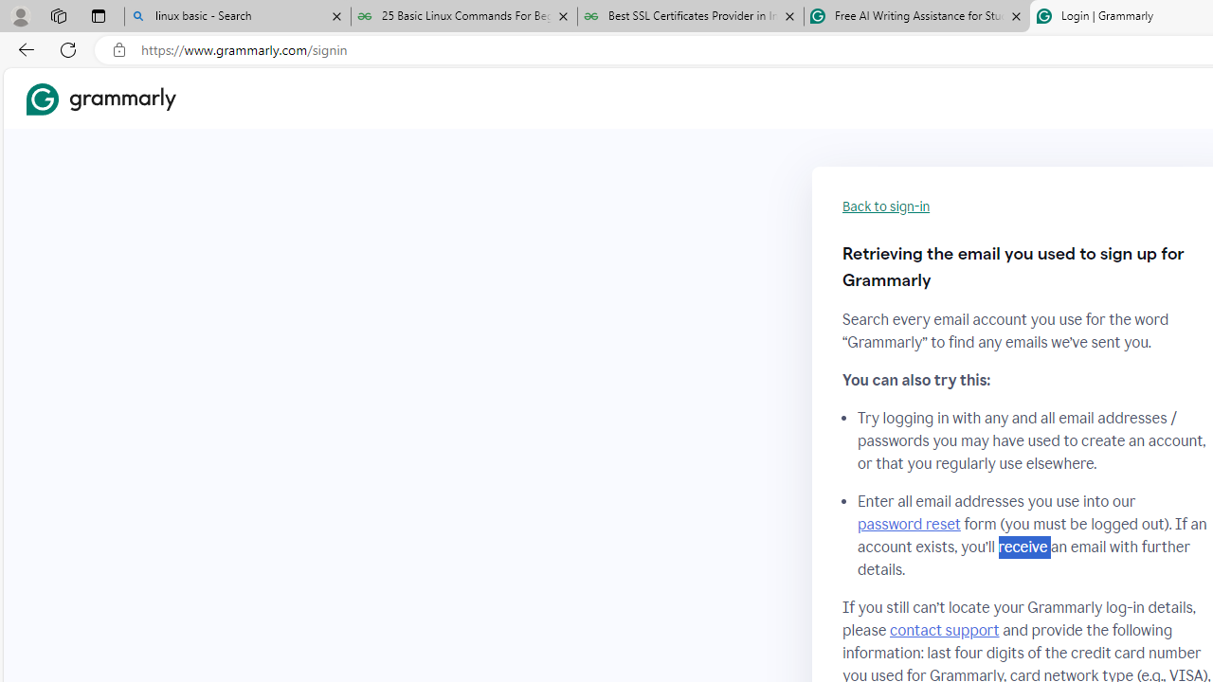 The width and height of the screenshot is (1213, 682). What do you see at coordinates (690, 16) in the screenshot?
I see `'Best SSL Certificates Provider in India - GeeksforGeeks'` at bounding box center [690, 16].